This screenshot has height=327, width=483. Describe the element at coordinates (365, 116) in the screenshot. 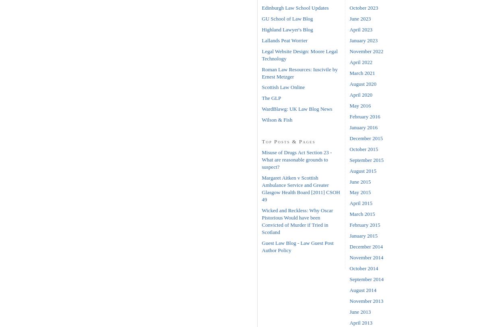

I see `'February 2016'` at that location.